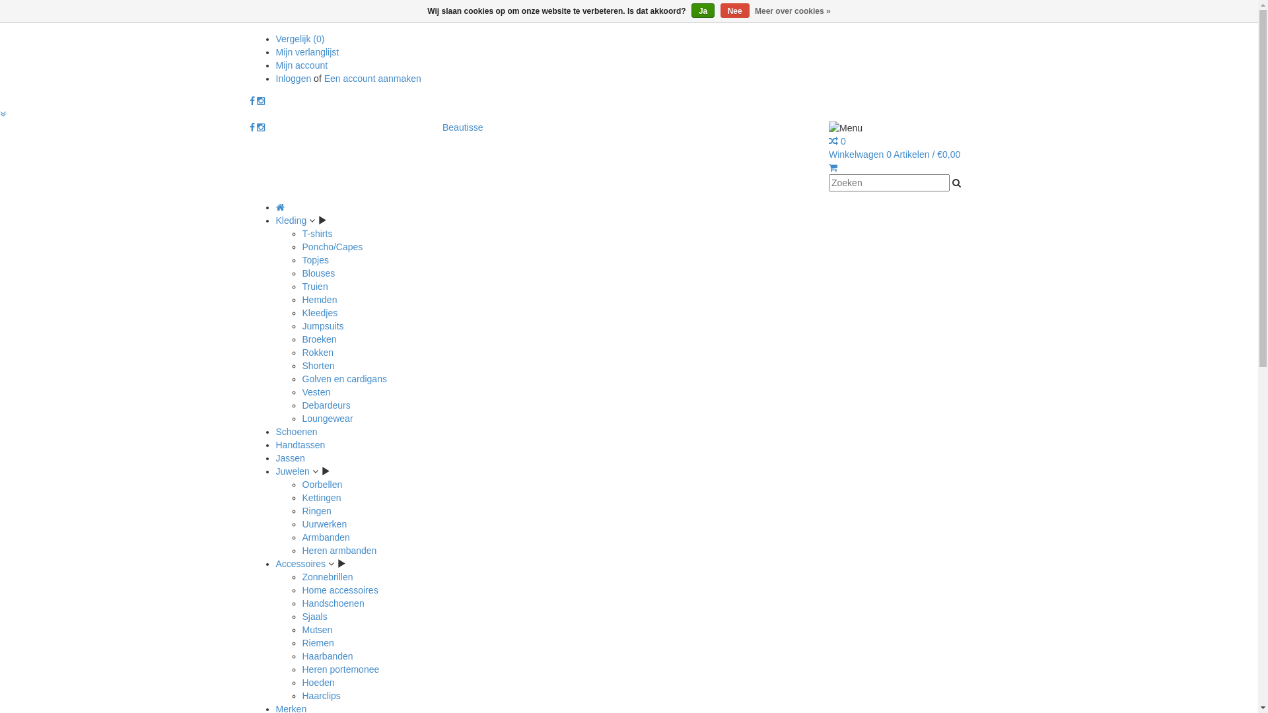  What do you see at coordinates (318, 366) in the screenshot?
I see `'Shorten'` at bounding box center [318, 366].